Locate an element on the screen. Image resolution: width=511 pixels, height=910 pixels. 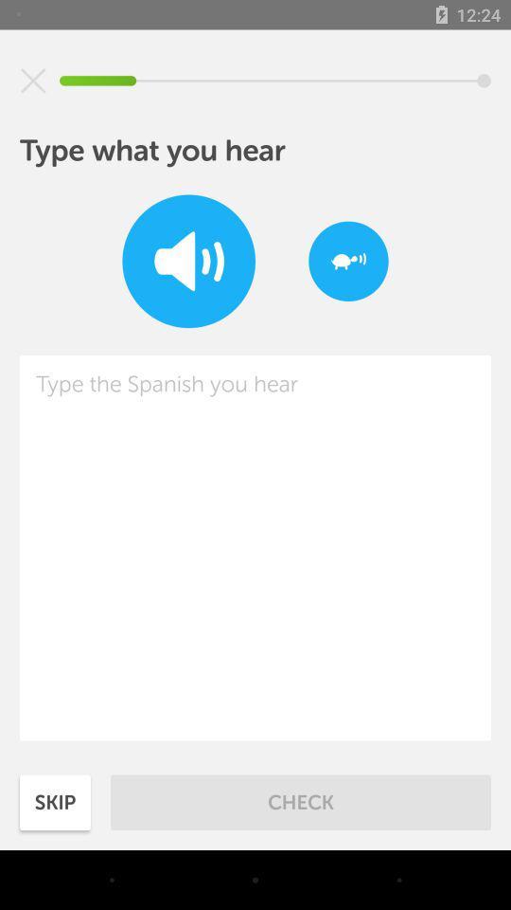
the skip is located at coordinates (55, 801).